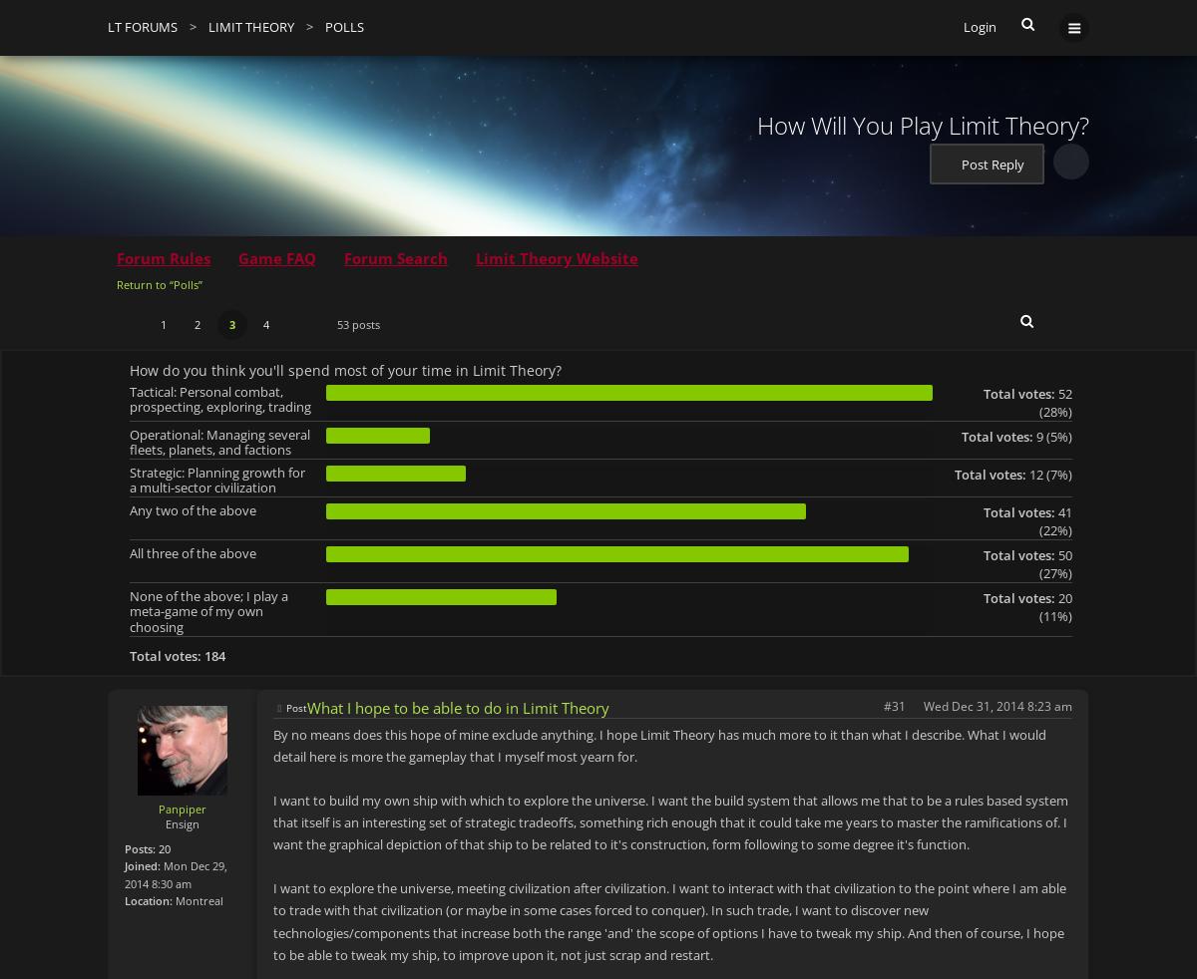  What do you see at coordinates (1064, 596) in the screenshot?
I see `'20'` at bounding box center [1064, 596].